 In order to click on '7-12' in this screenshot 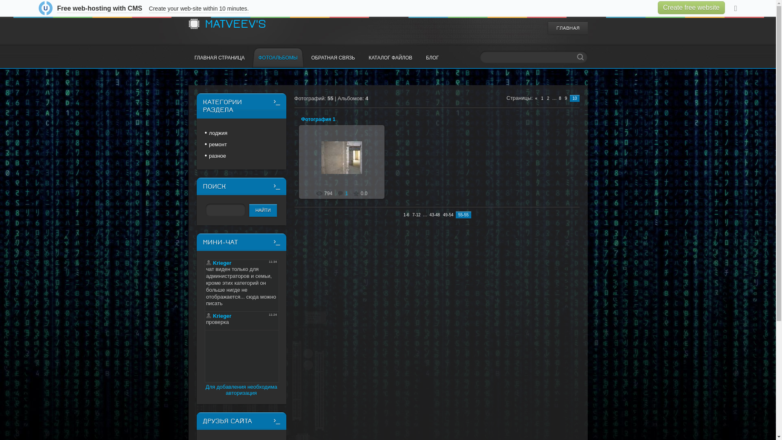, I will do `click(411, 214)`.